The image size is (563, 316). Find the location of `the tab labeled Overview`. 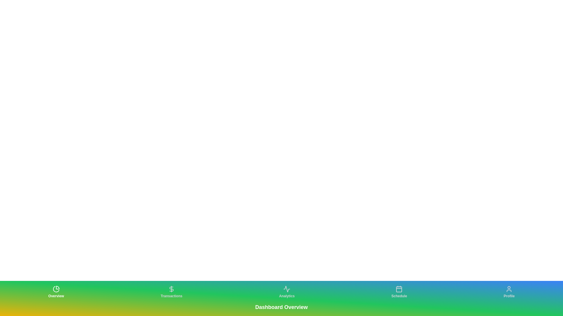

the tab labeled Overview is located at coordinates (56, 292).